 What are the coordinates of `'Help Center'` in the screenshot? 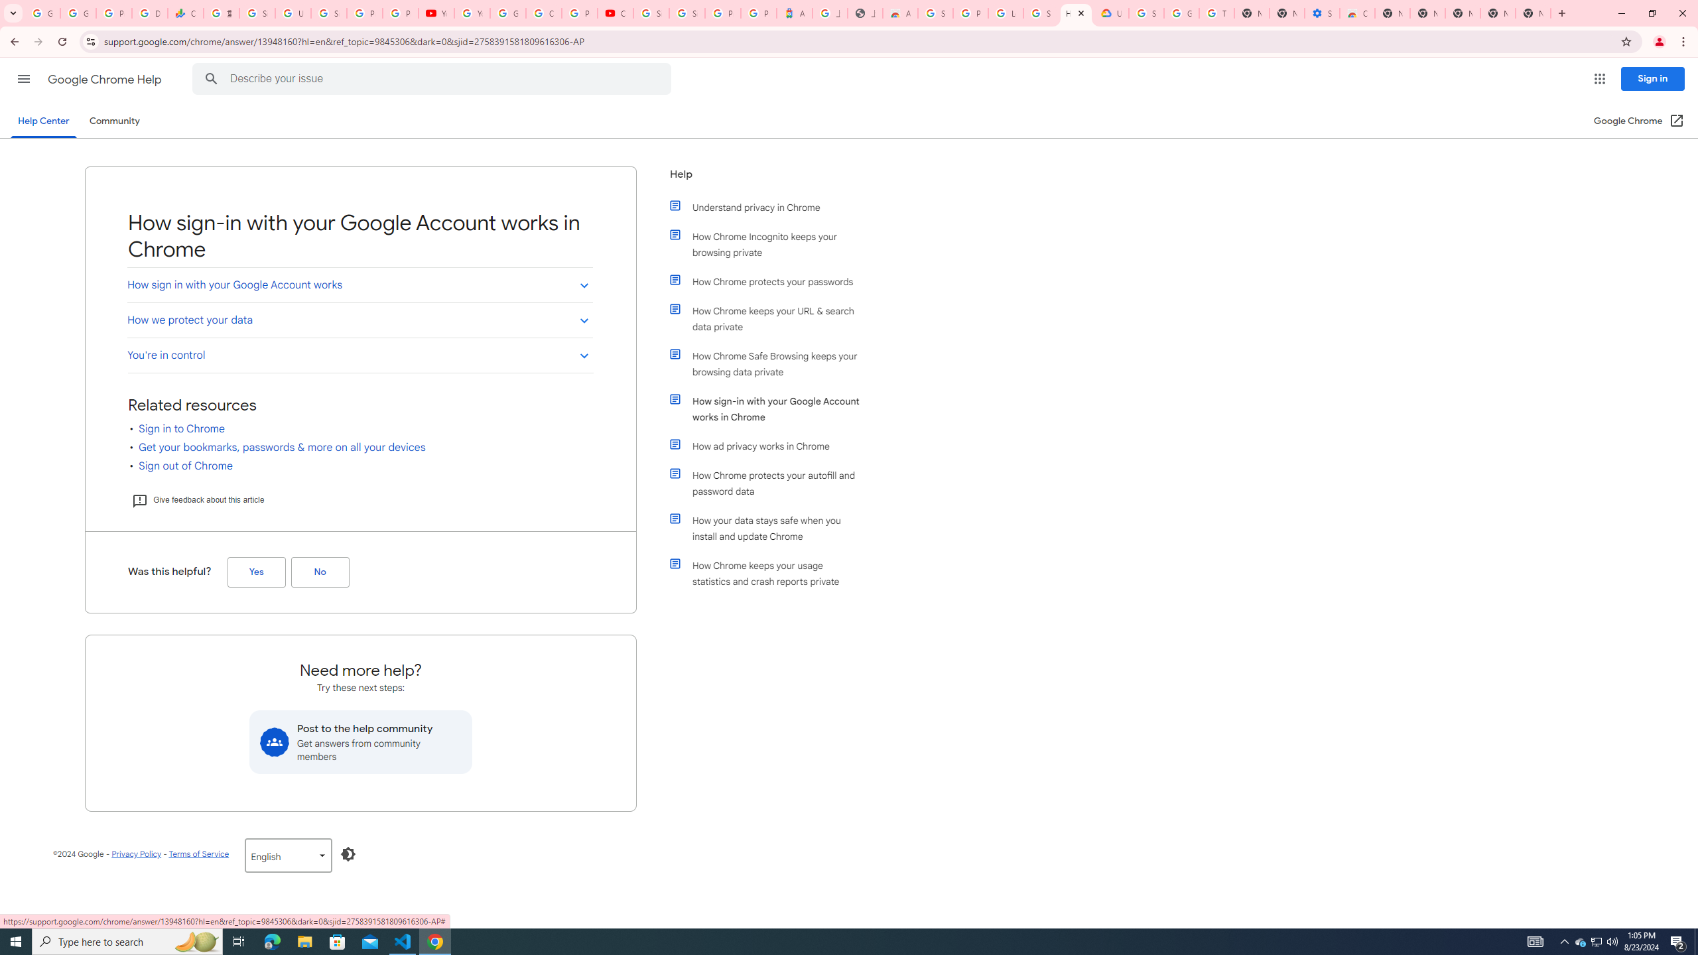 It's located at (43, 120).